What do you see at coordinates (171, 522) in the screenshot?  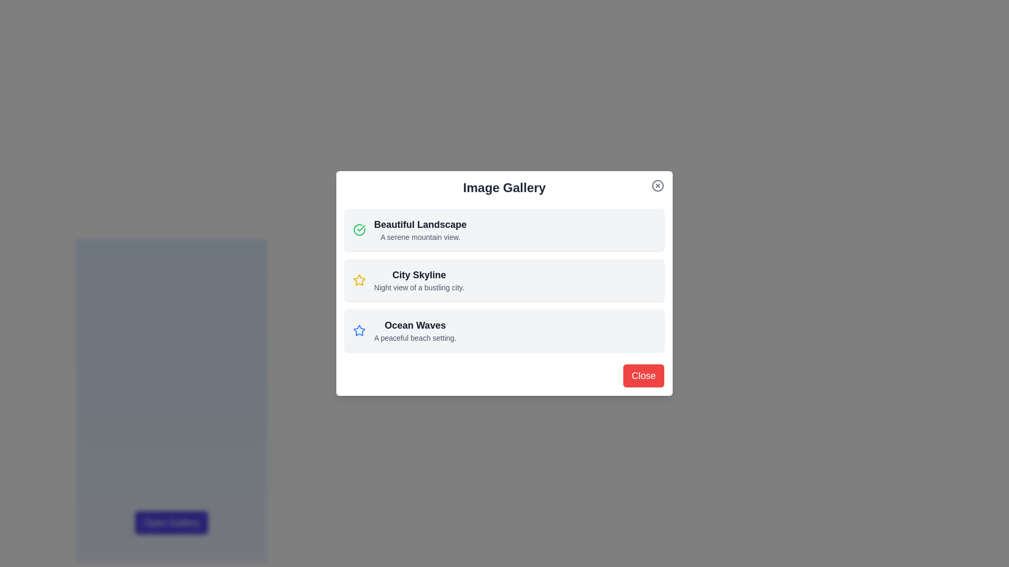 I see `the distinct rectangular button with rounded corners labeled 'Open Gallery', which has a dark indigo background that changes on hover` at bounding box center [171, 522].